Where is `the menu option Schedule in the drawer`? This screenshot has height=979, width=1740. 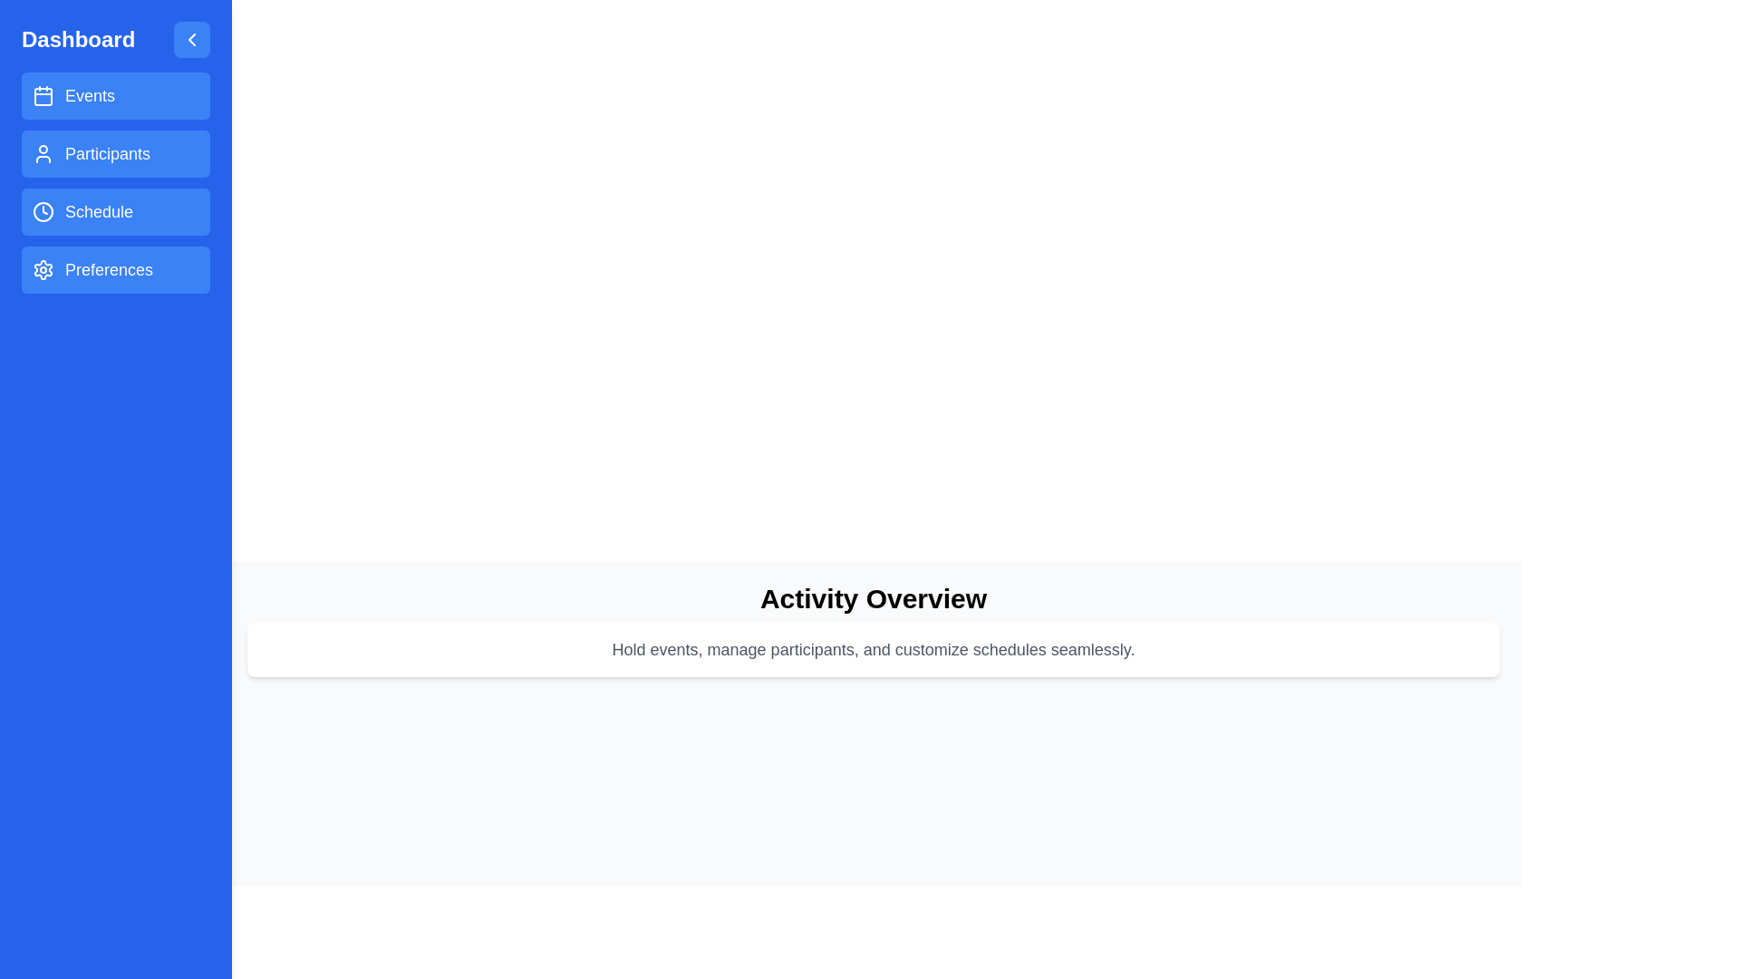 the menu option Schedule in the drawer is located at coordinates (115, 211).